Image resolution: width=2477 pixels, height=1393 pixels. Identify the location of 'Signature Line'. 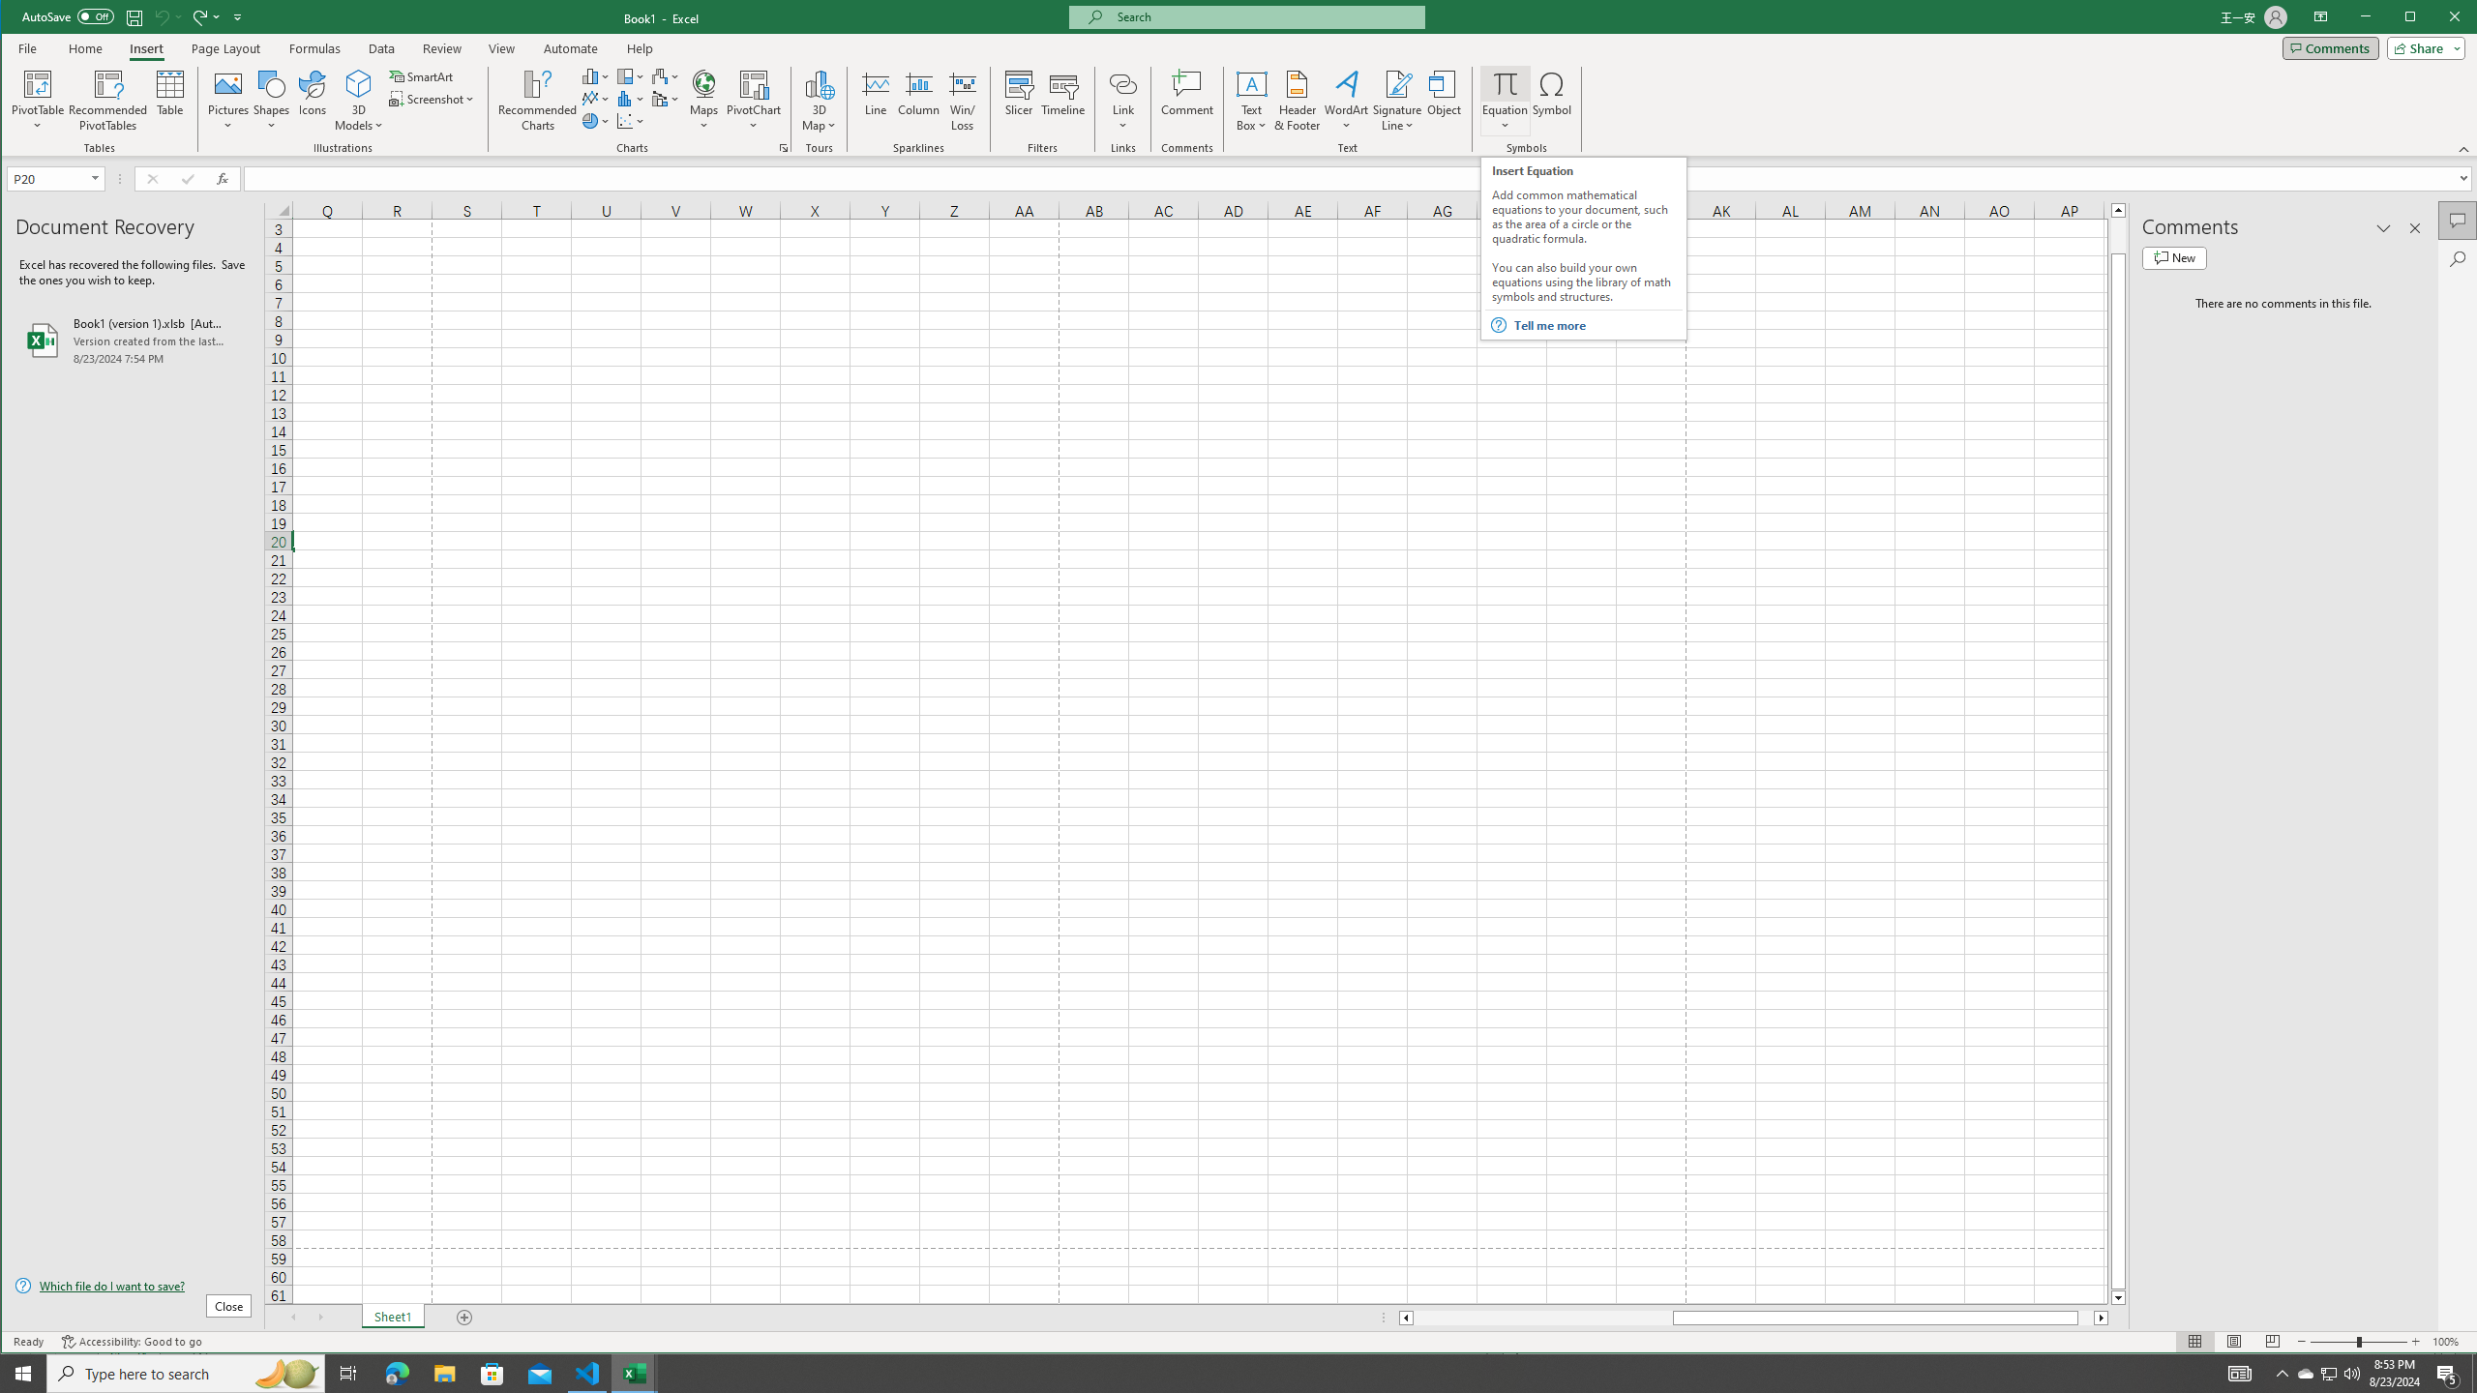
(1397, 100).